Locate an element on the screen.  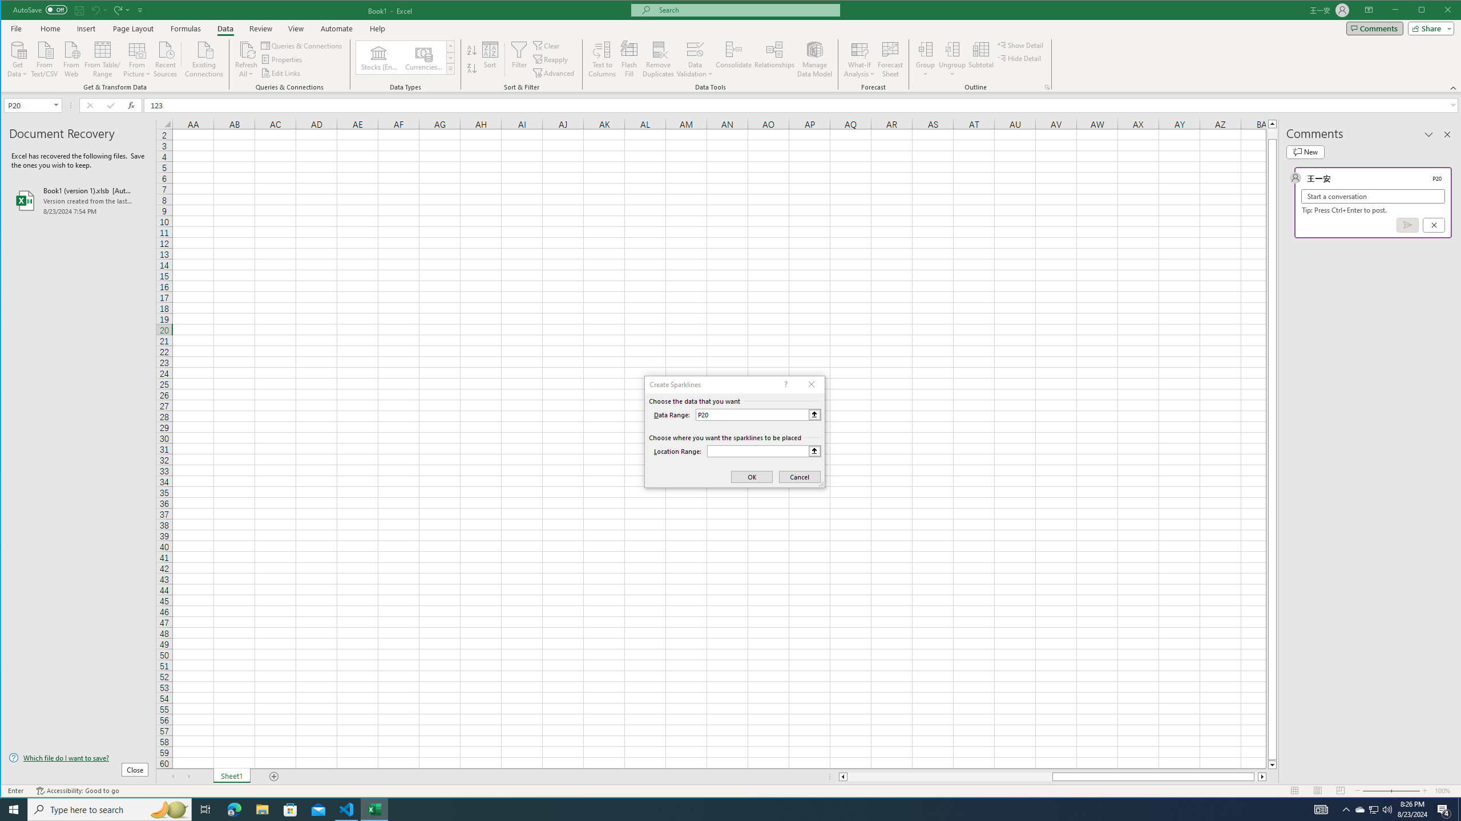
'Page up' is located at coordinates (1272, 133).